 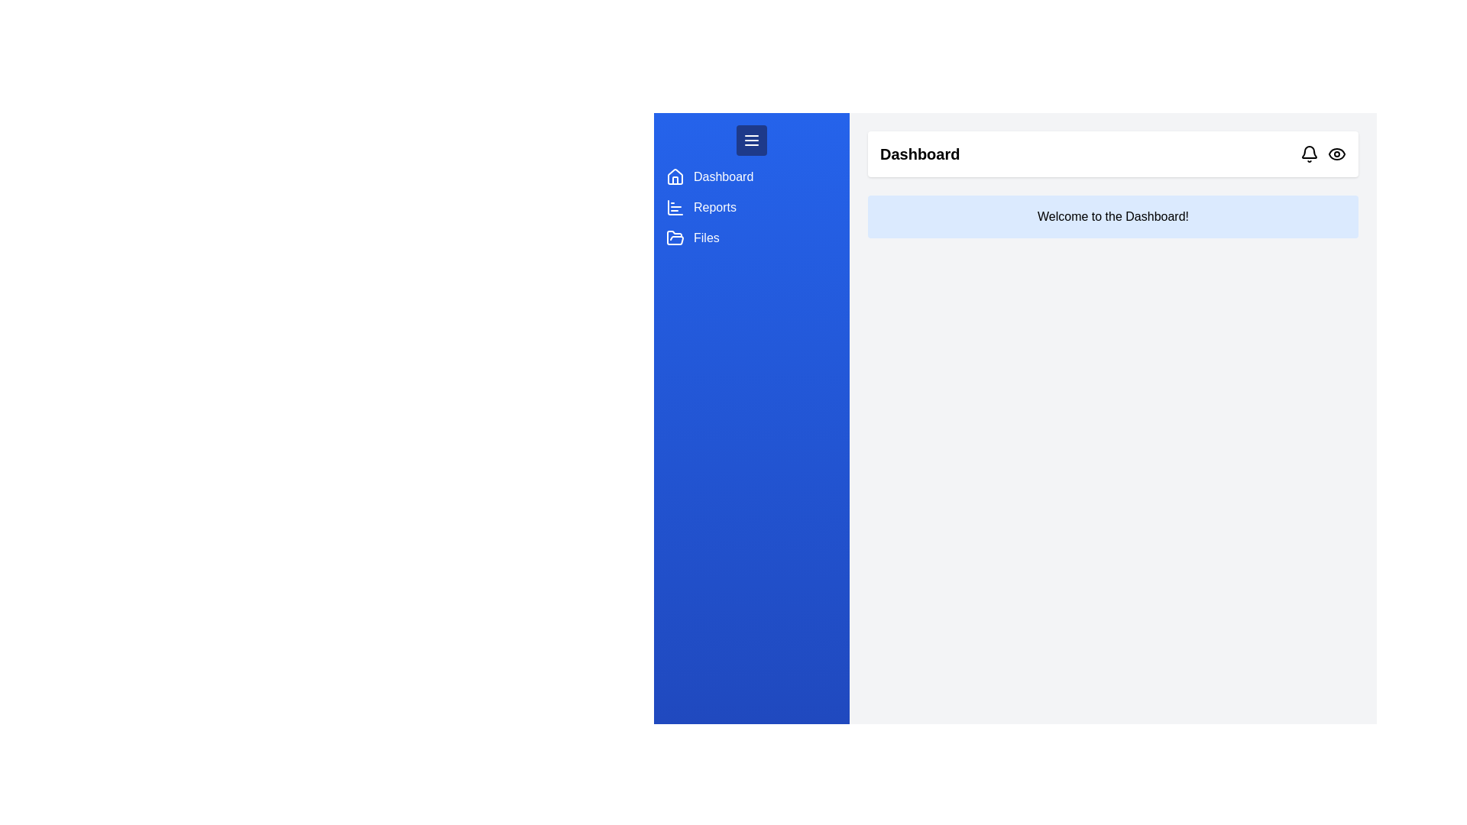 What do you see at coordinates (1323, 154) in the screenshot?
I see `the bell and eye icons` at bounding box center [1323, 154].